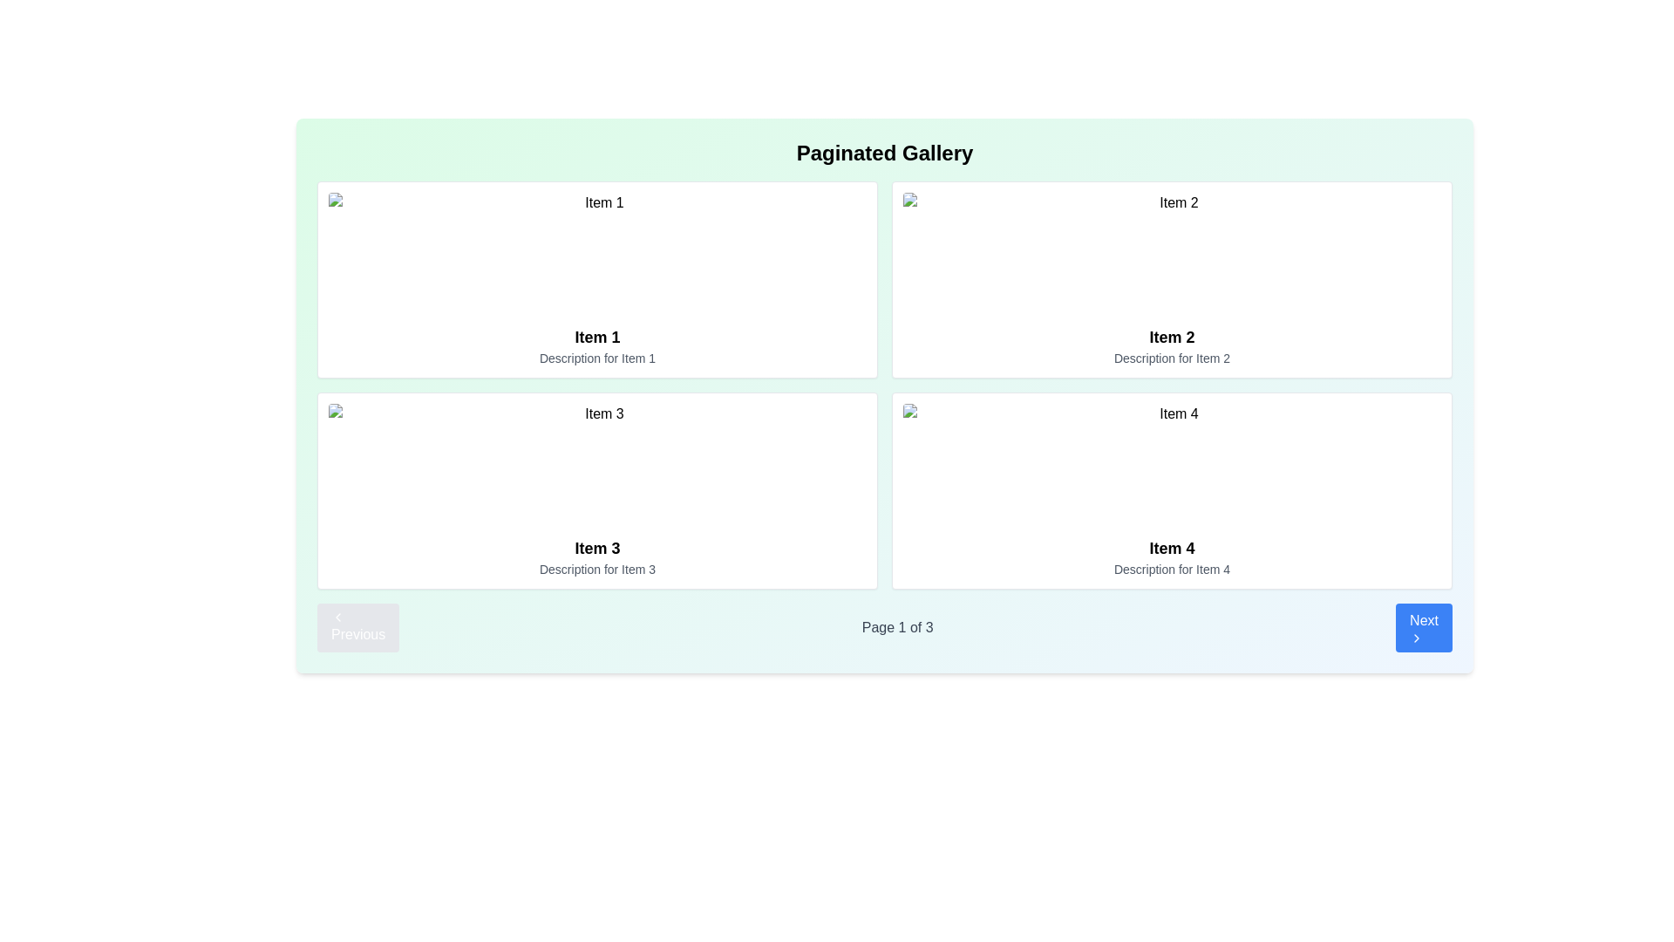 The image size is (1674, 942). What do you see at coordinates (597, 256) in the screenshot?
I see `the image with a placeholder source in the first item card ('Item 1'), located in the upper-left quadrant of the grid layout` at bounding box center [597, 256].